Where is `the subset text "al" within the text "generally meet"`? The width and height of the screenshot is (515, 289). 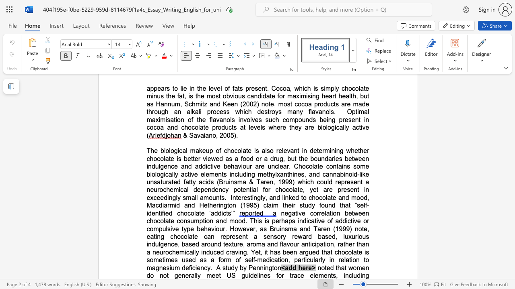
the subset text "al" within the text "generally meet" is located at coordinates (190, 275).